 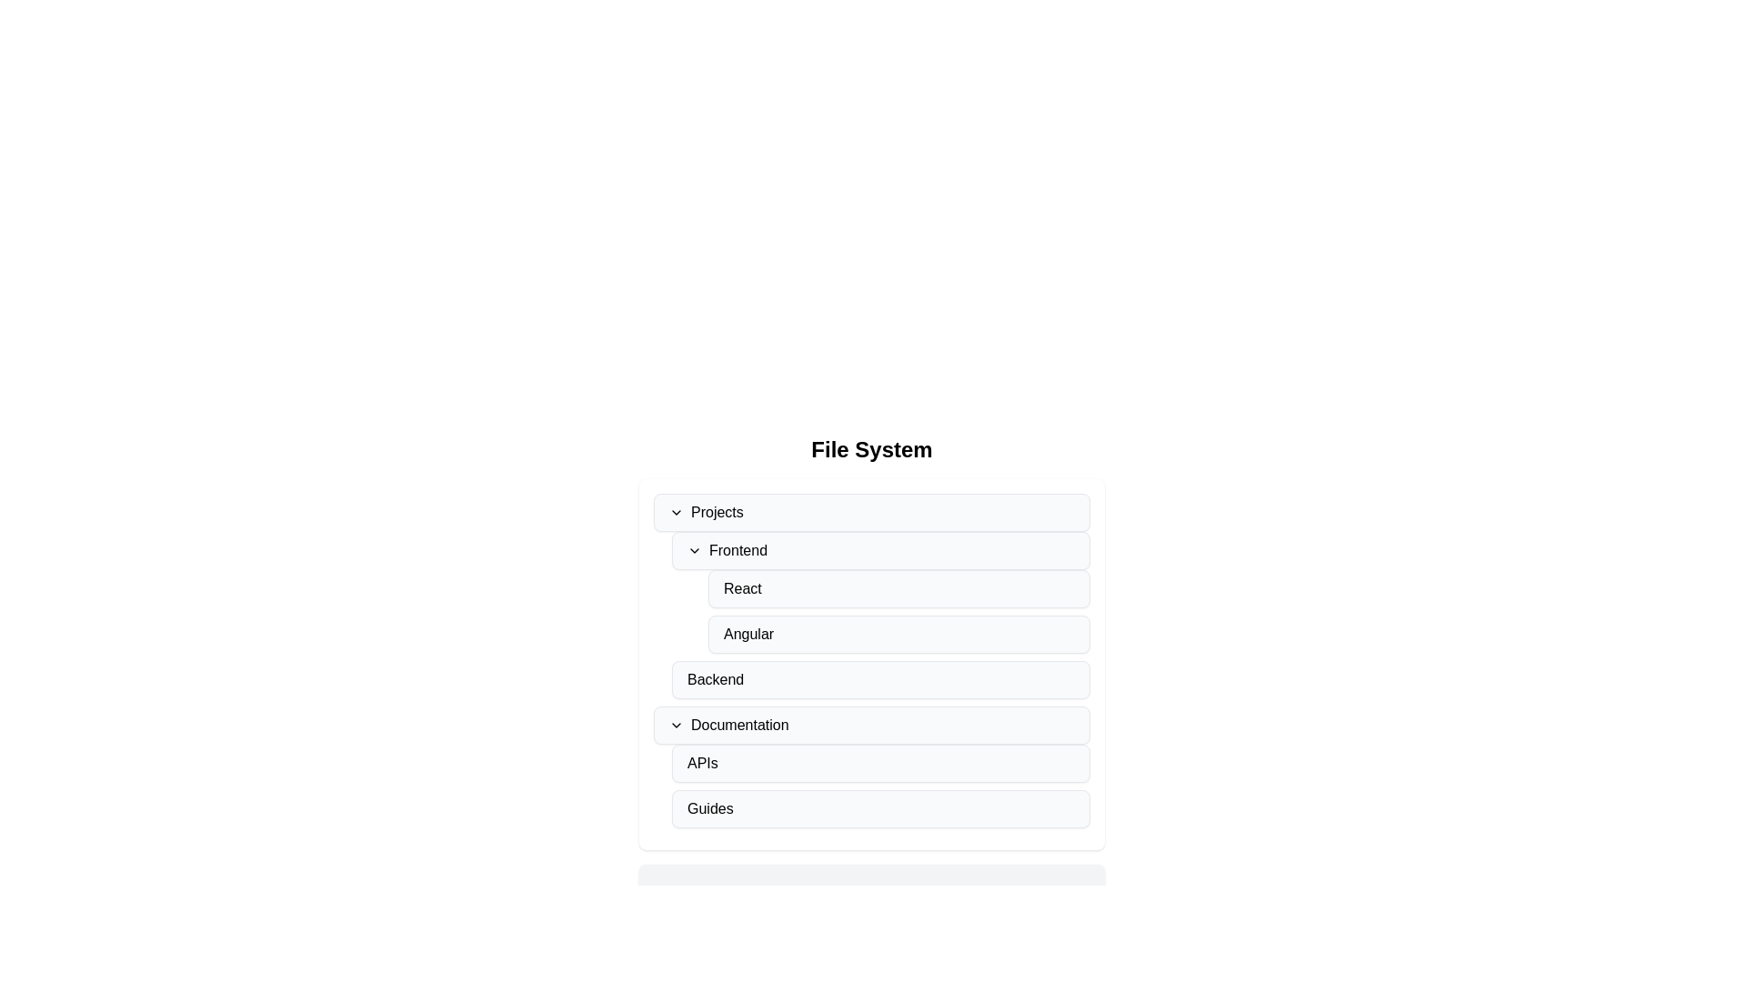 I want to click on the 'Angular' button located within the 'Frontend' subsection under the 'Projects' category for keyboard navigation, so click(x=898, y=634).